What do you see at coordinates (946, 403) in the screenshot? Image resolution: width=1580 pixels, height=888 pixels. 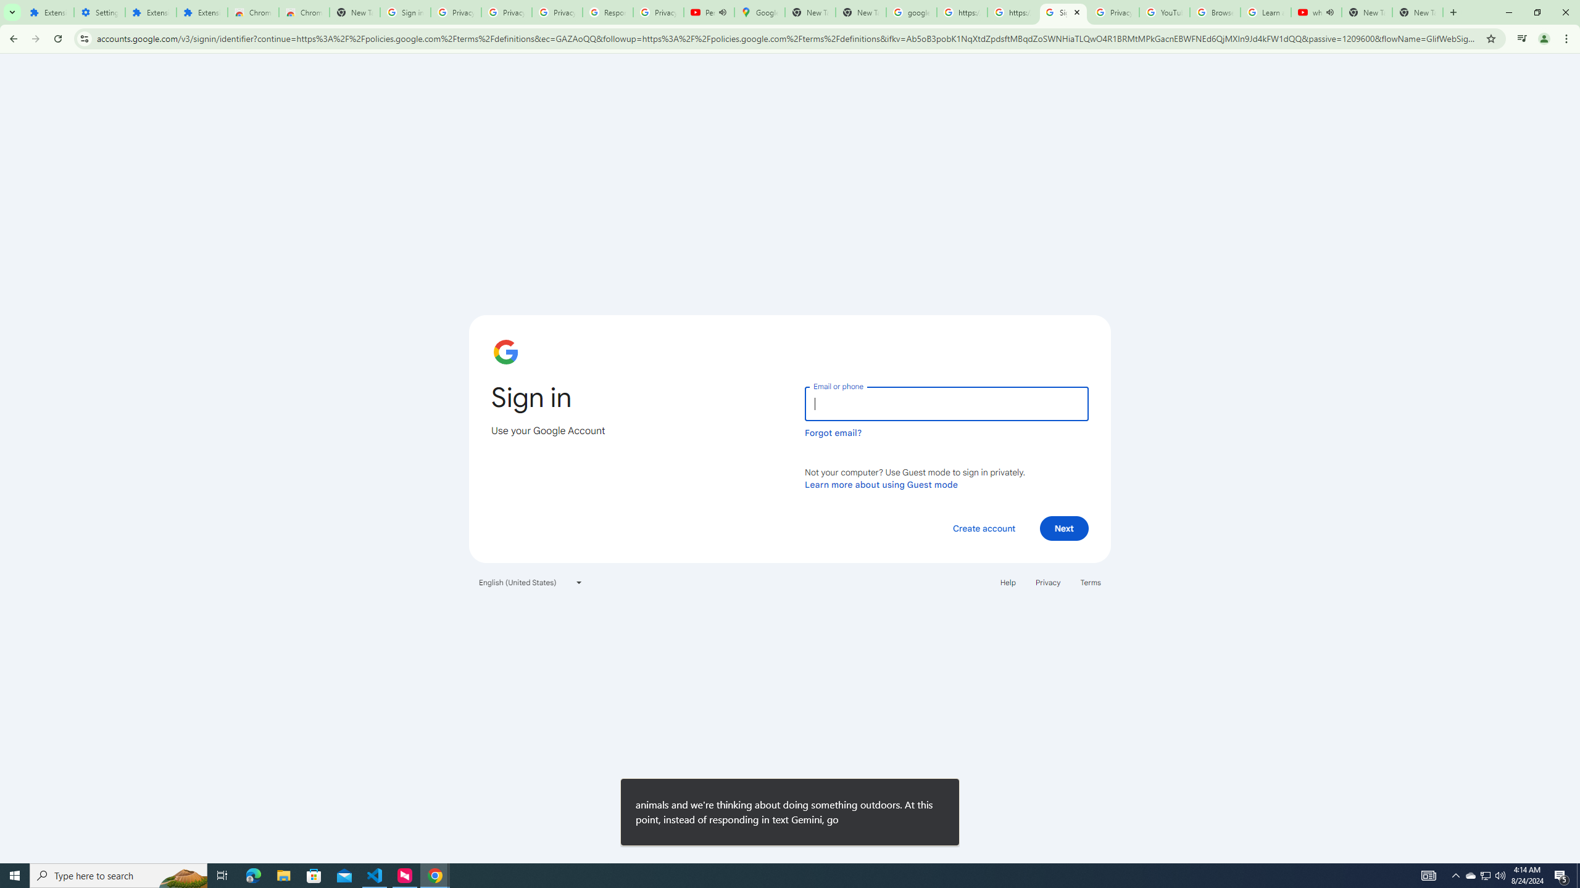 I see `'Email or phone'` at bounding box center [946, 403].